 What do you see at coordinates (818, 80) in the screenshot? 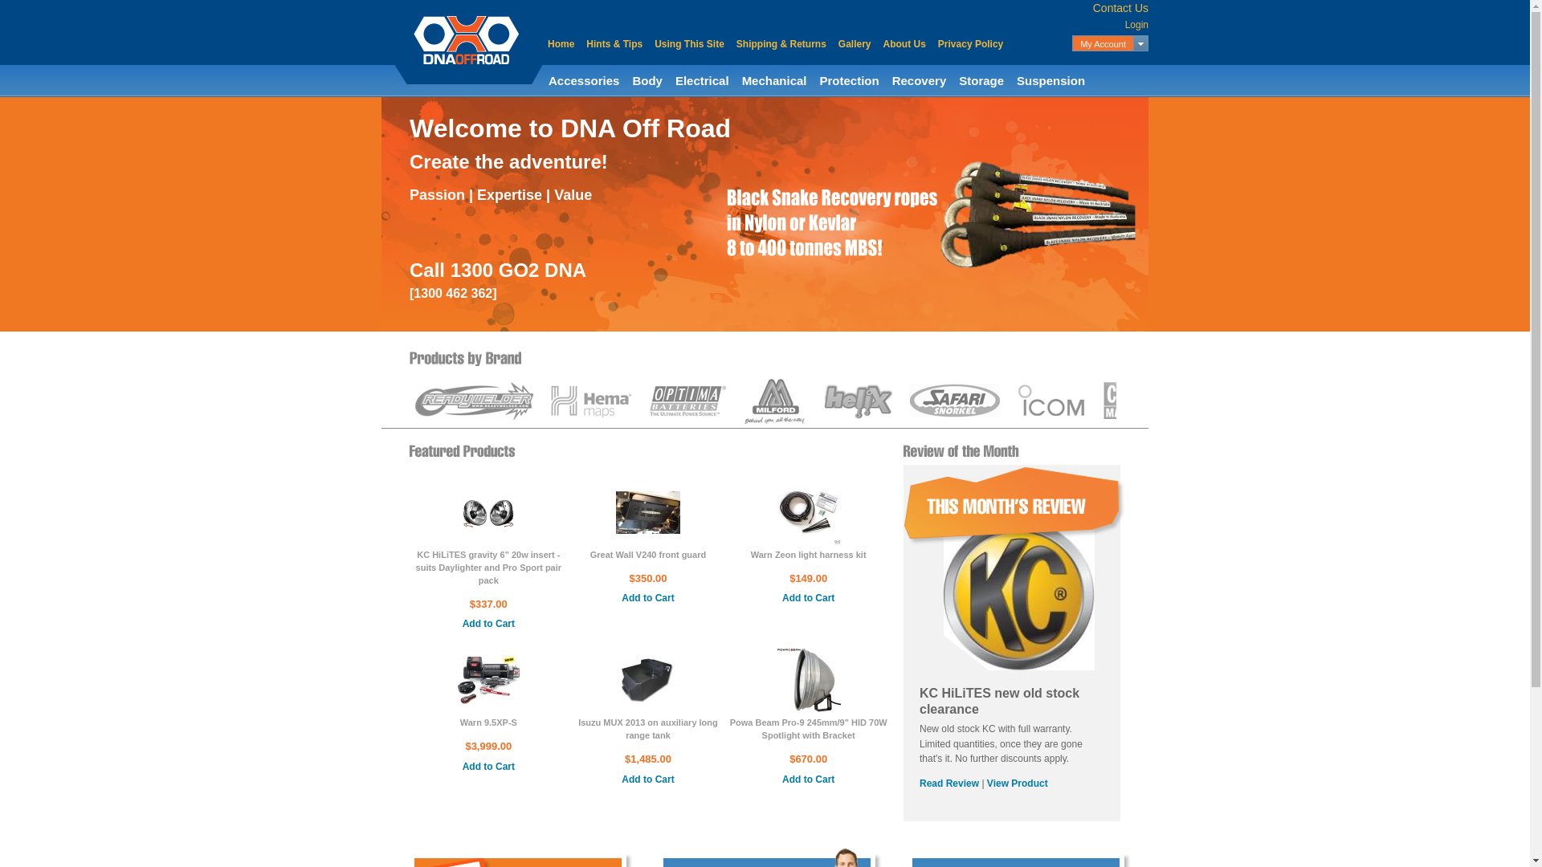
I see `'Protection'` at bounding box center [818, 80].